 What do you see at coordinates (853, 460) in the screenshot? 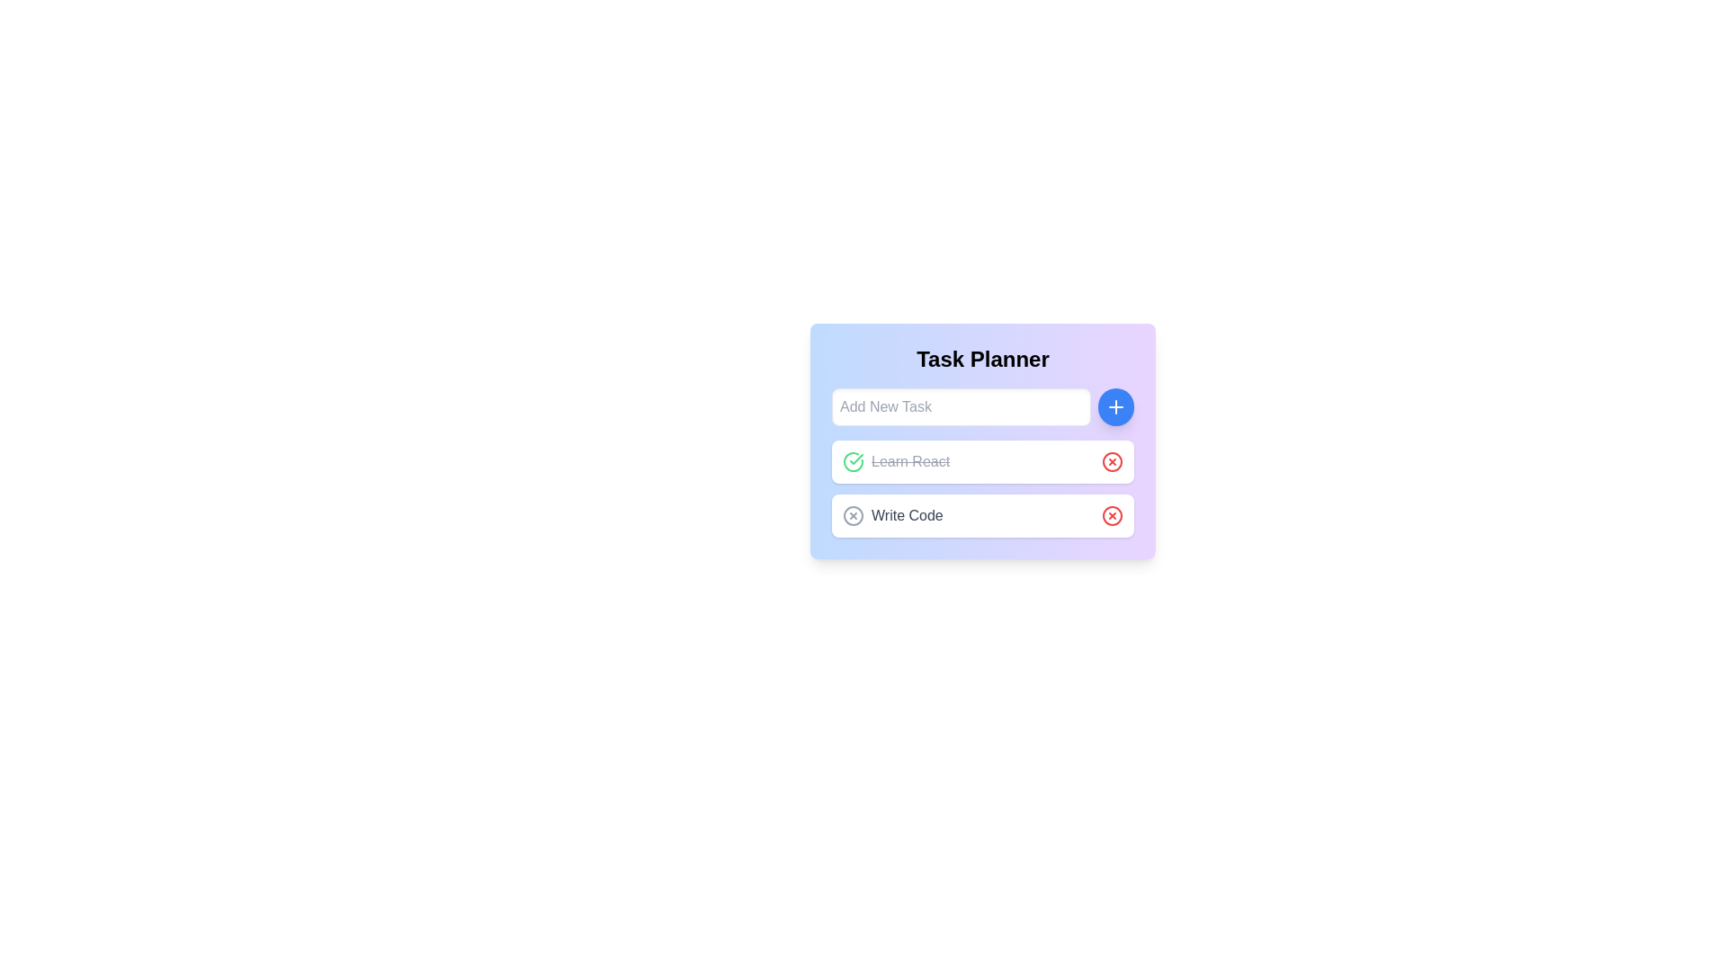
I see `the circular button with a green border and checkmark indicating a completed task, located on the left side of the task entry titled 'Learn React'` at bounding box center [853, 460].